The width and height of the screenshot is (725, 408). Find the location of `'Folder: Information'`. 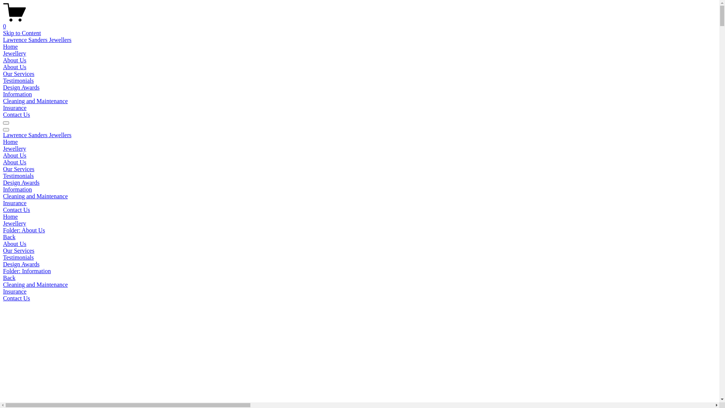

'Folder: Information' is located at coordinates (359, 270).